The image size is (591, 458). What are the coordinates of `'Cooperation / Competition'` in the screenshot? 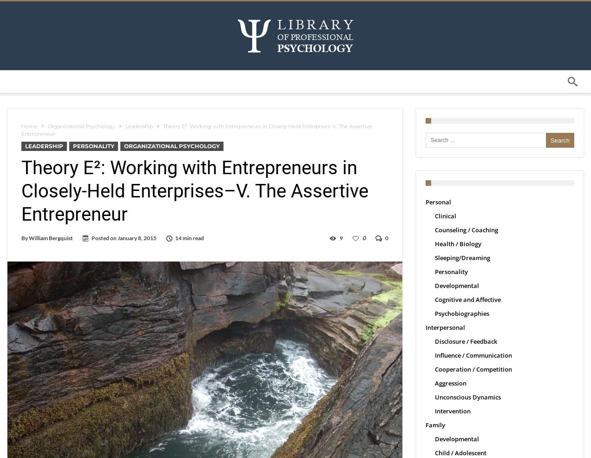 It's located at (473, 369).